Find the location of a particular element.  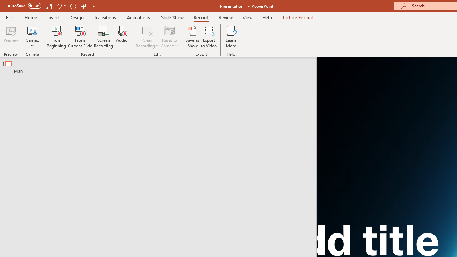

'Customize Quick Access Toolbar' is located at coordinates (94, 6).